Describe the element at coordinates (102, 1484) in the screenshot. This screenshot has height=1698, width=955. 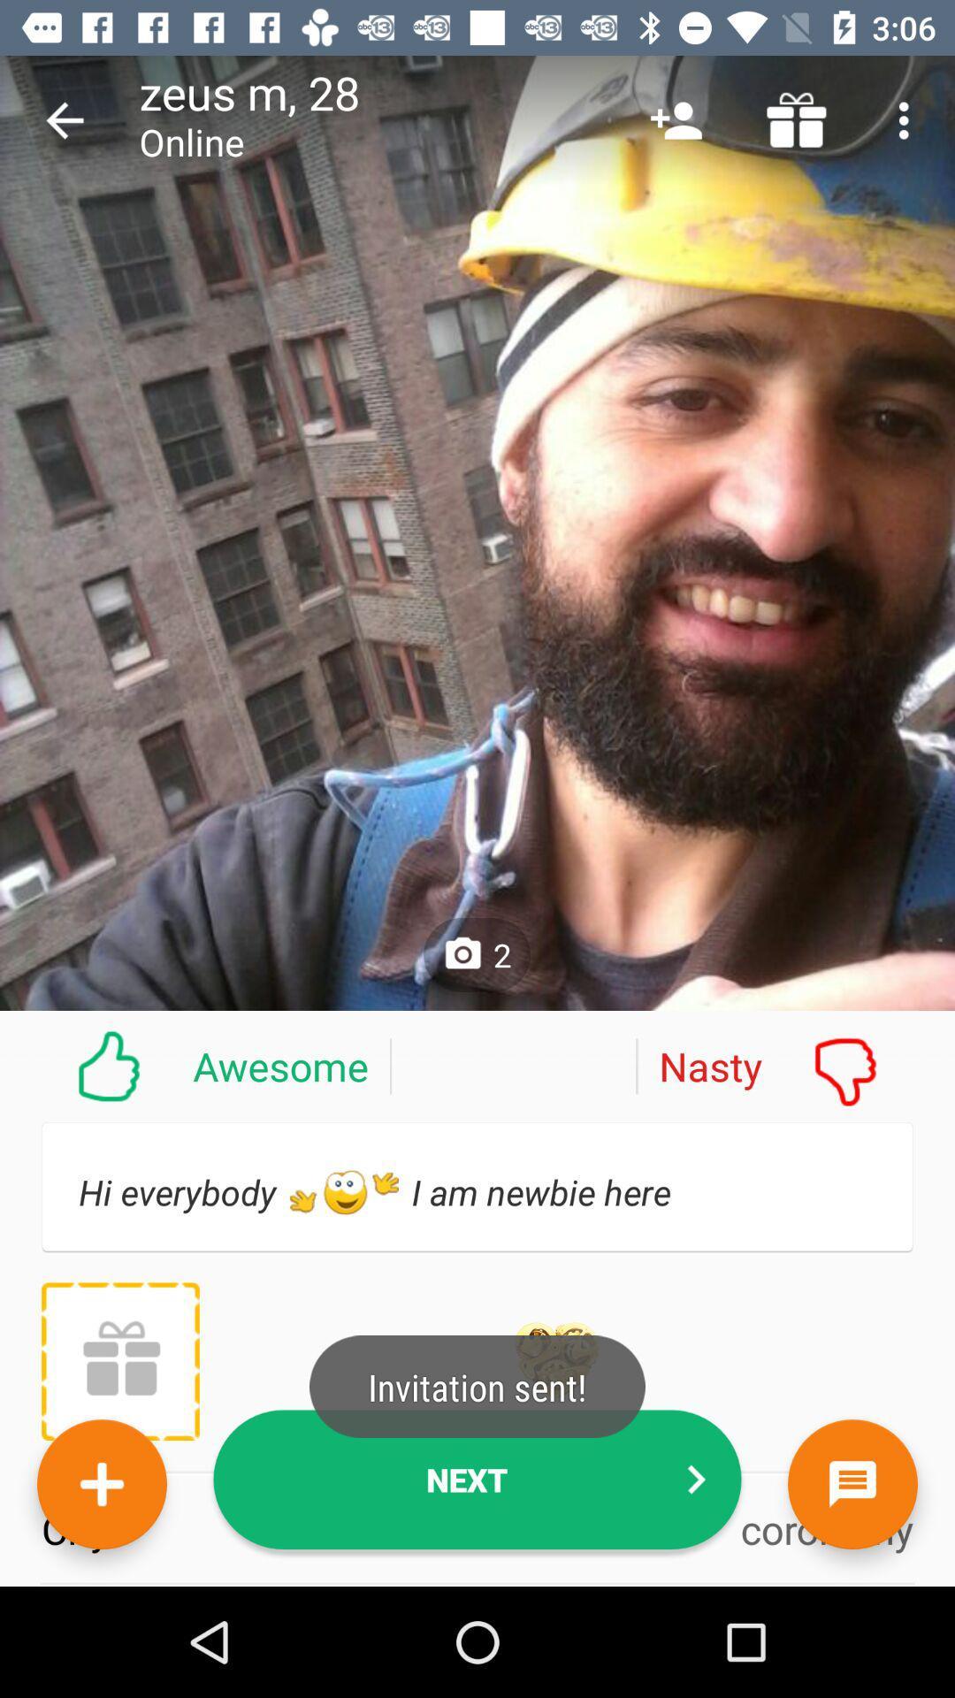
I see `the add icon` at that location.